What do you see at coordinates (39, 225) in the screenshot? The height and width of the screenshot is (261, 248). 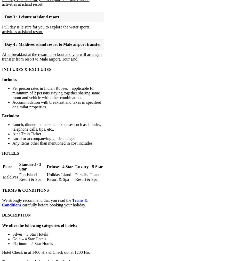 I see `'We offer the following categories of hotels:'` at bounding box center [39, 225].